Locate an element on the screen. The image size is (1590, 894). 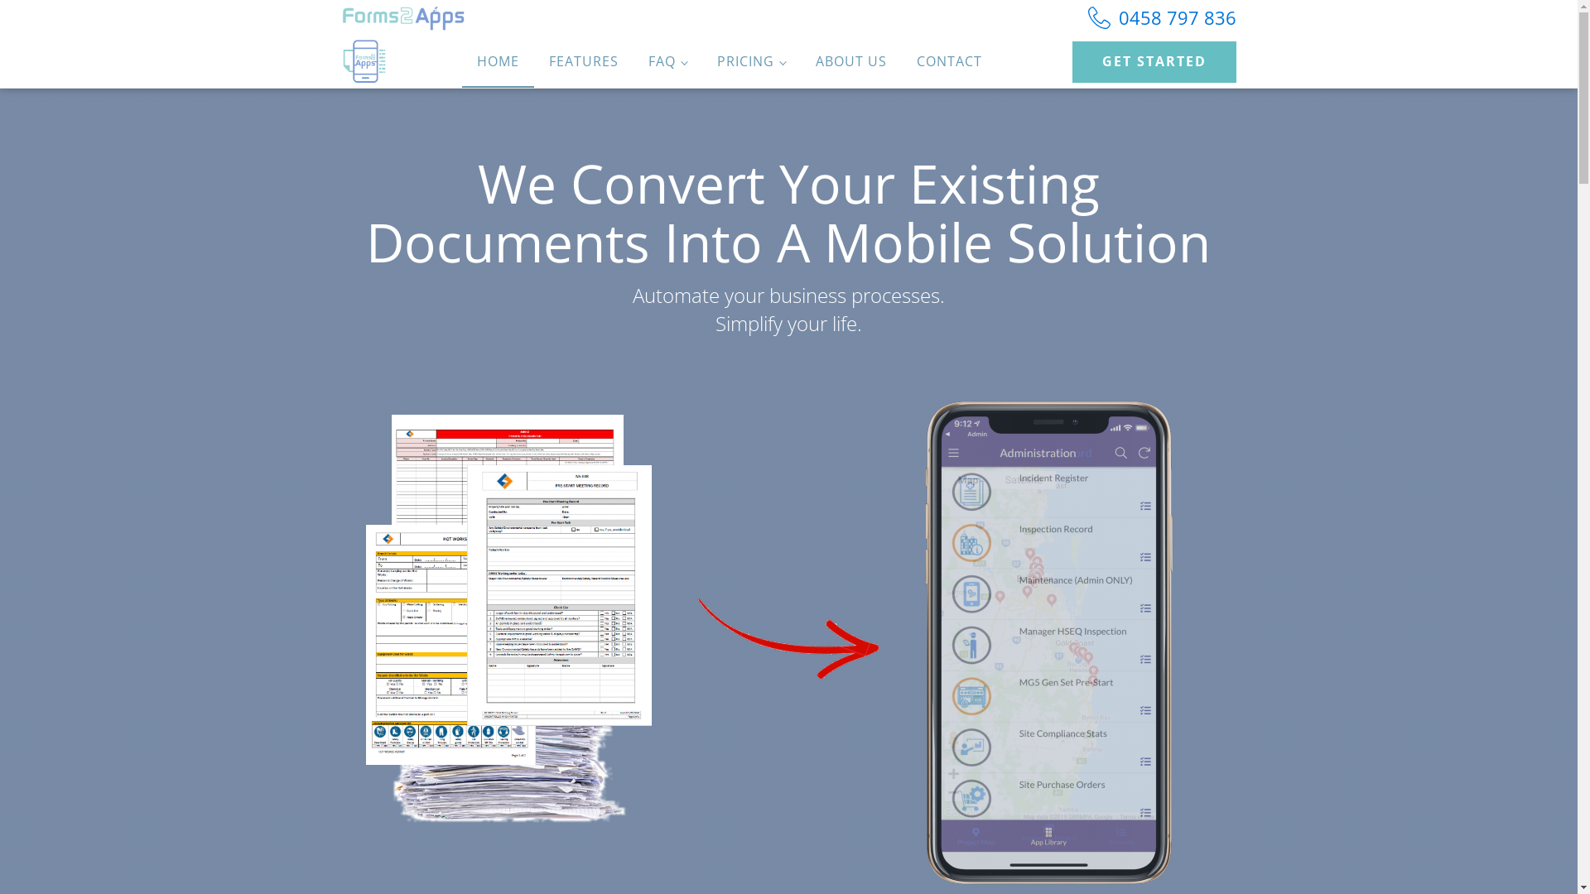
'0458 797 836' is located at coordinates (1161, 17).